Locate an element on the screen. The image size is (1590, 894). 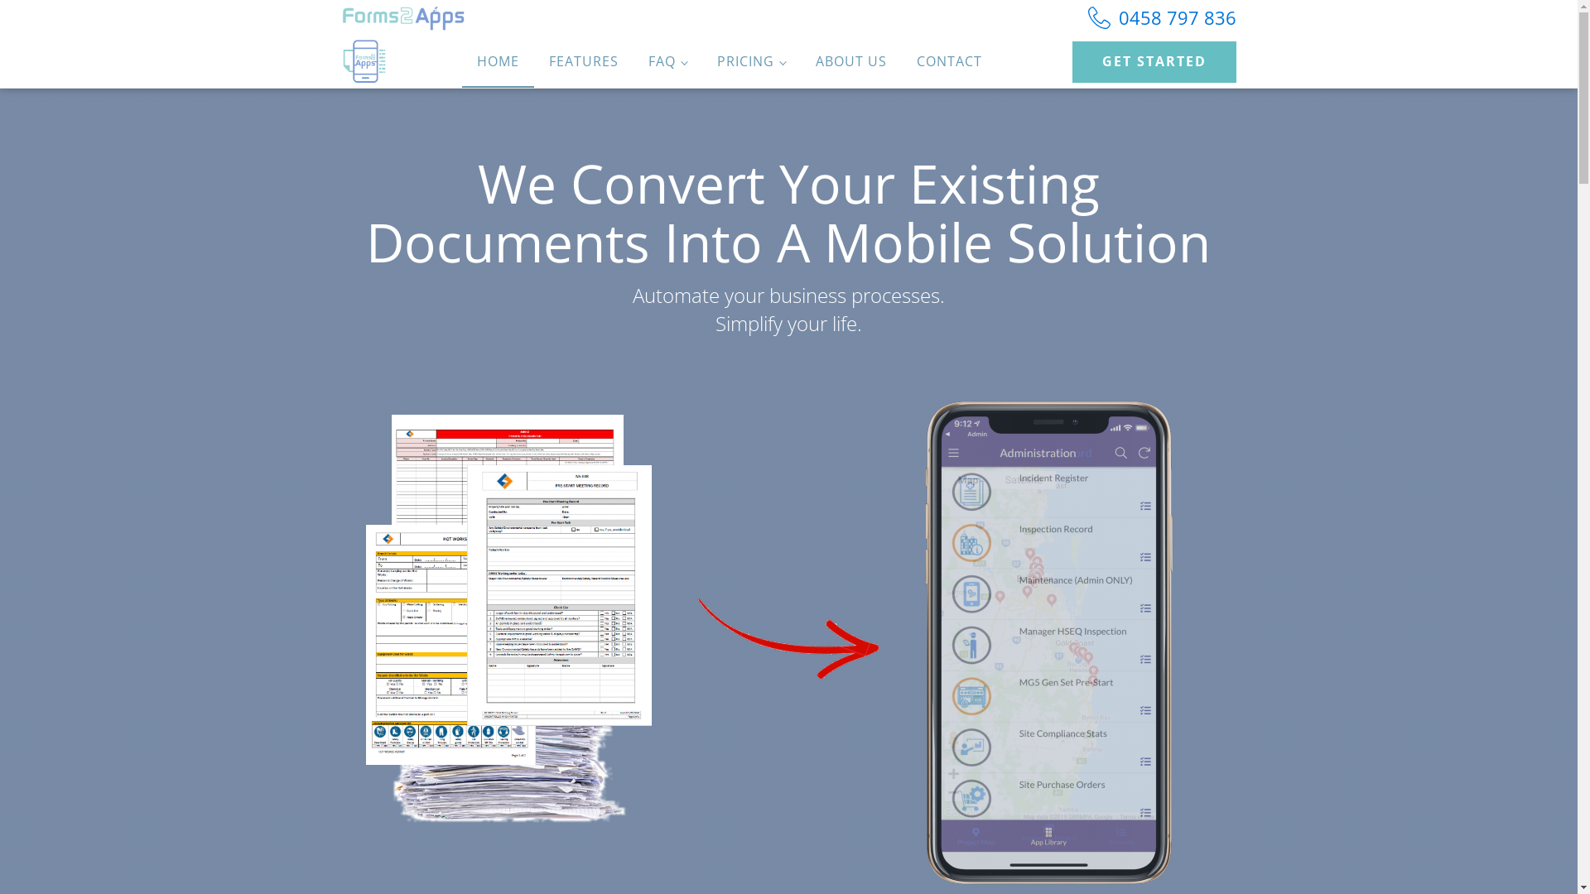
'0458 797 836' is located at coordinates (1161, 17).